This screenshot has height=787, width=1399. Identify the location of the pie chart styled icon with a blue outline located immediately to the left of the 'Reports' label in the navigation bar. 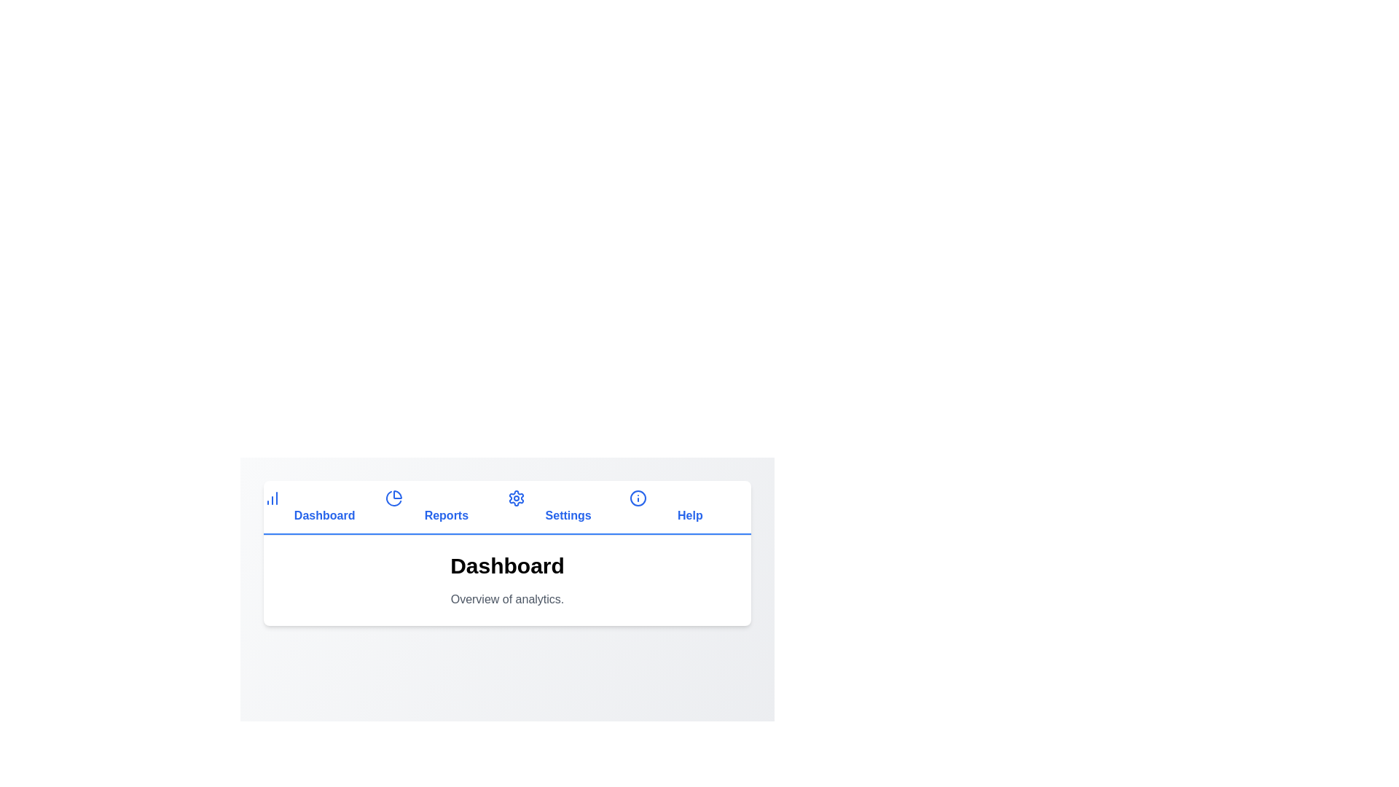
(394, 497).